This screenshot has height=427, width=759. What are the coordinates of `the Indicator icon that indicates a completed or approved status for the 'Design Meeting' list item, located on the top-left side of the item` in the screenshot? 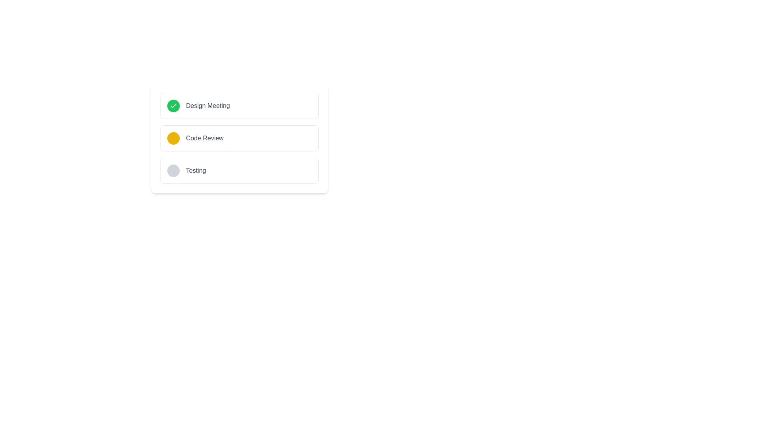 It's located at (173, 105).